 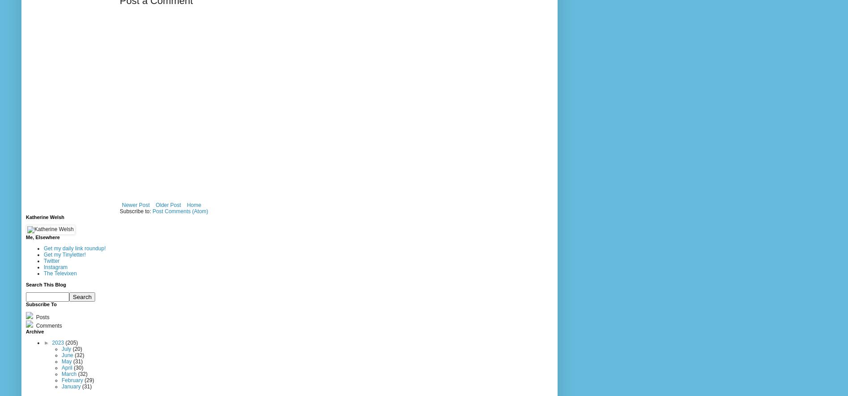 I want to click on 'Posts', so click(x=34, y=317).